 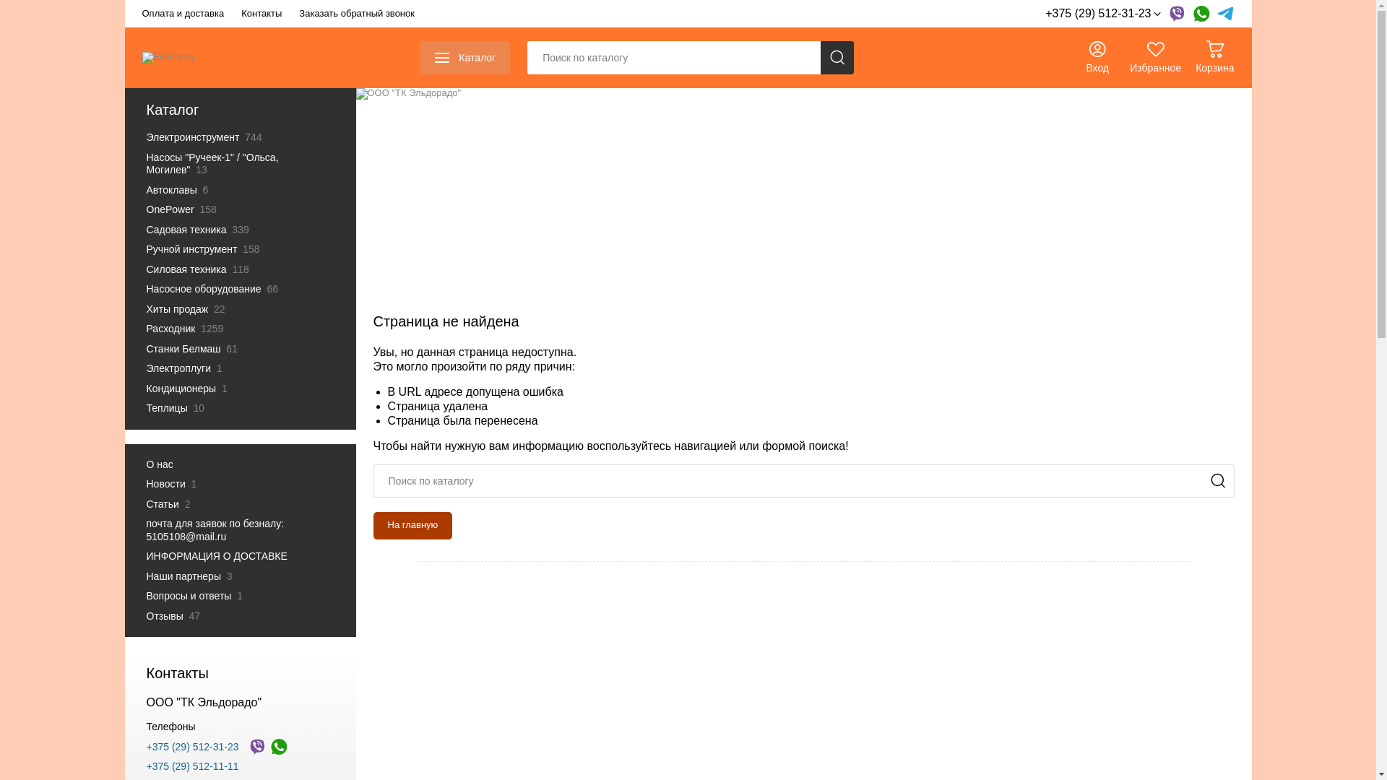 What do you see at coordinates (1224, 14) in the screenshot?
I see `'Telegram'` at bounding box center [1224, 14].